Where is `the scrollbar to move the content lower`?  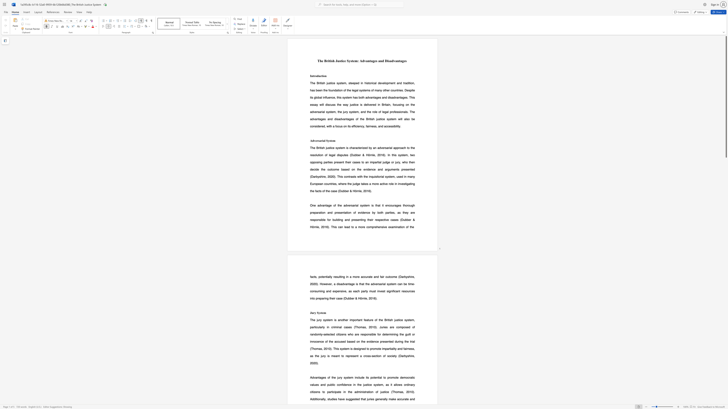 the scrollbar to move the content lower is located at coordinates (726, 287).